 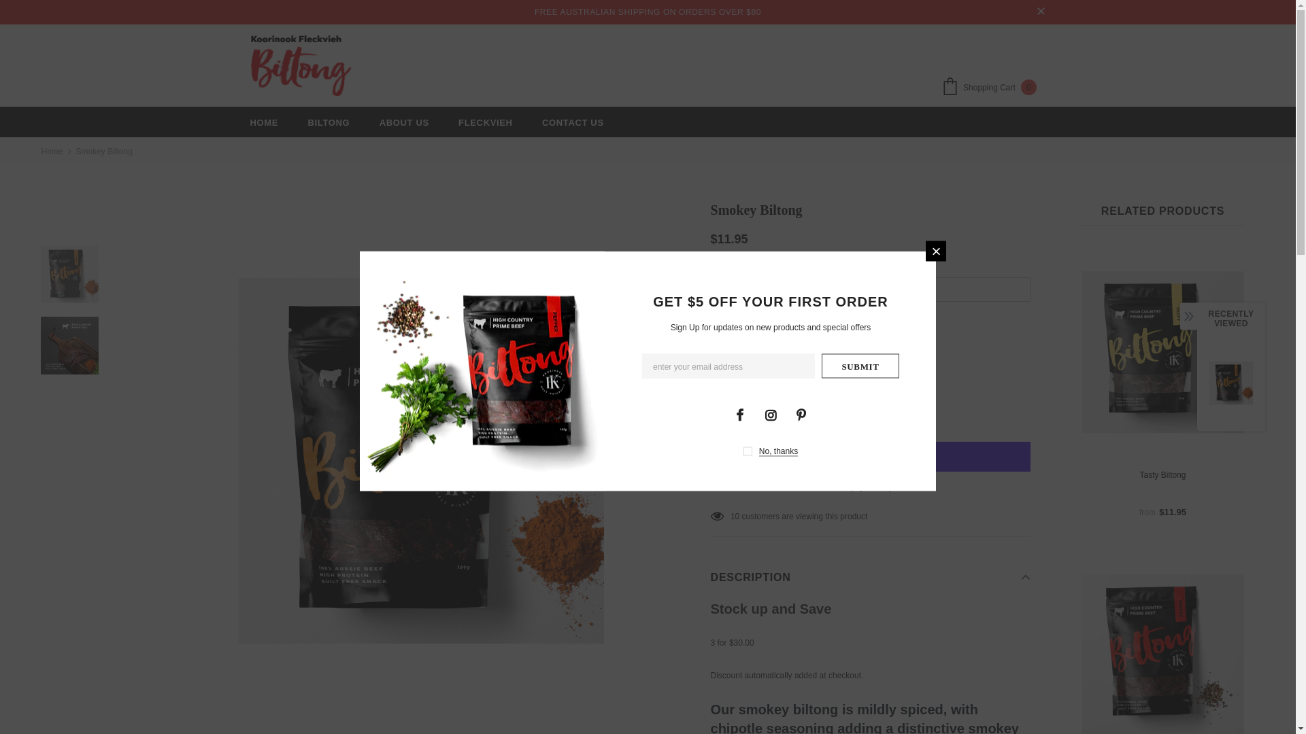 What do you see at coordinates (329, 121) in the screenshot?
I see `'BILTONG'` at bounding box center [329, 121].